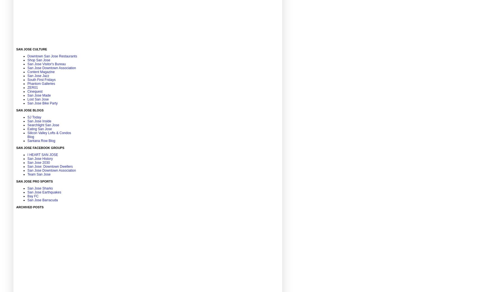 This screenshot has width=487, height=292. Describe the element at coordinates (16, 148) in the screenshot. I see `'San Jose Facebook Groups'` at that location.